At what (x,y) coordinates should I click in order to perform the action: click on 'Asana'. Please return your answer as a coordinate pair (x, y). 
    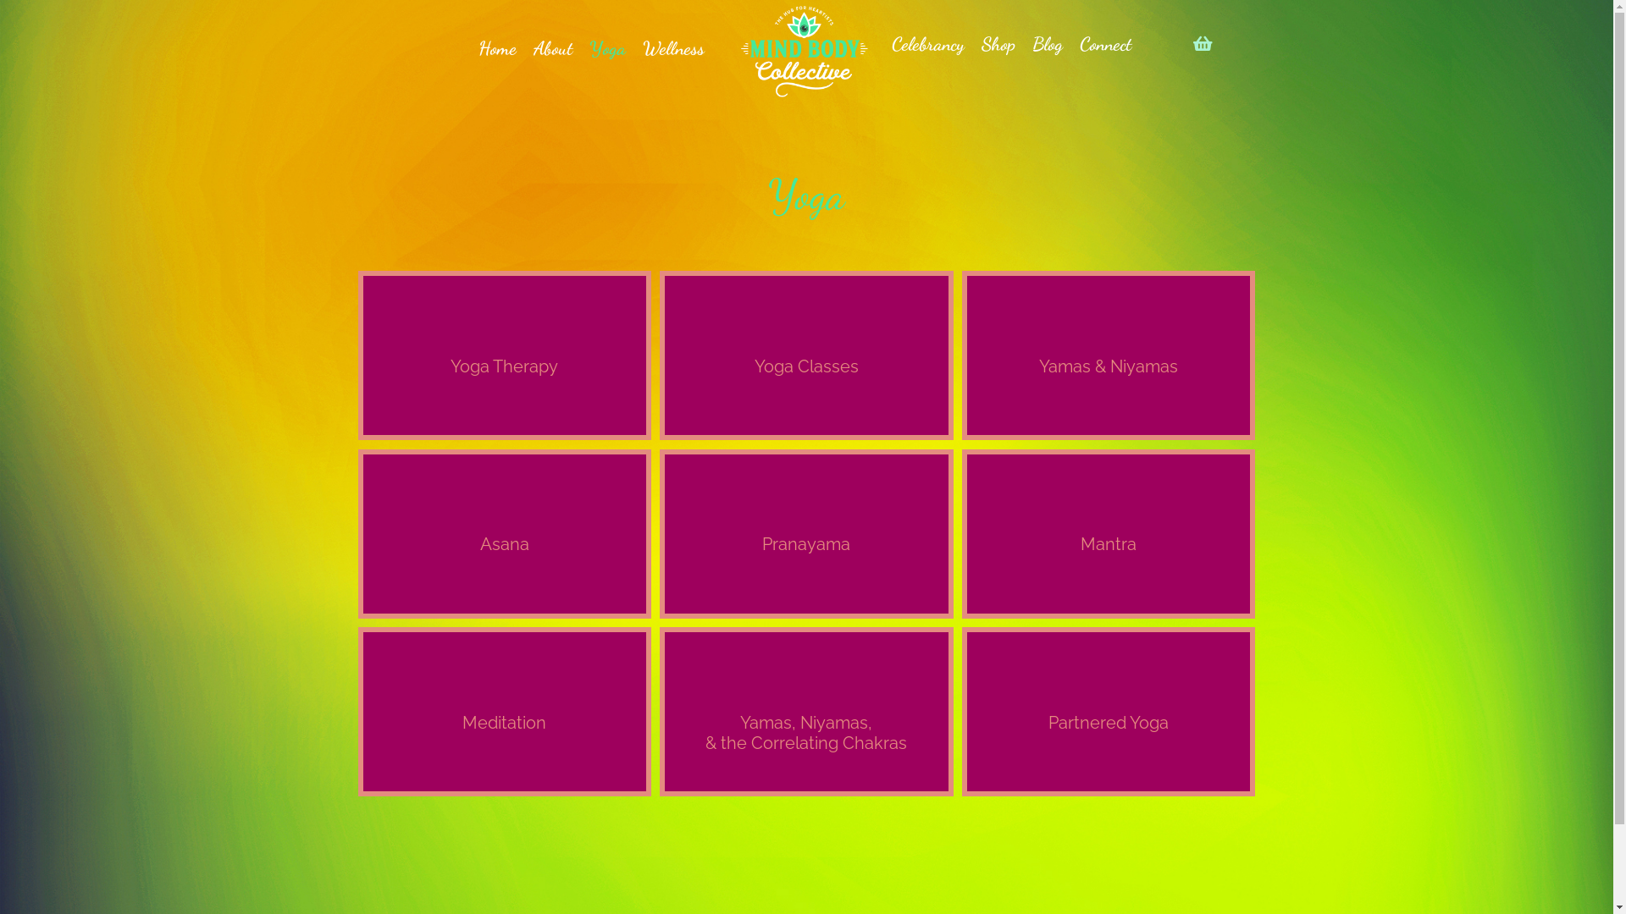
    Looking at the image, I should click on (503, 534).